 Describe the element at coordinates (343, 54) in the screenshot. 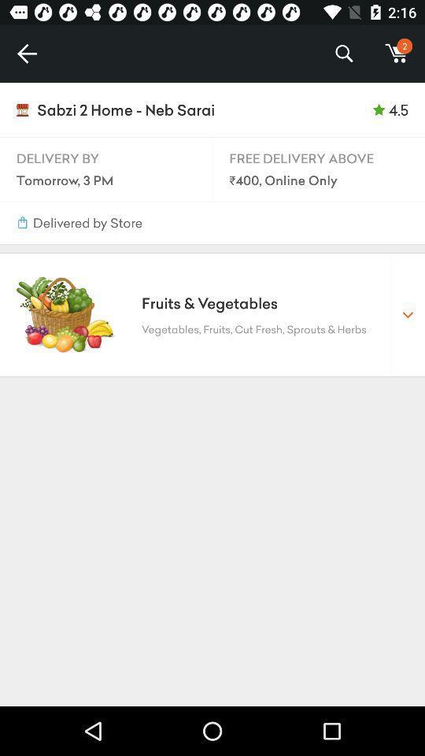

I see `icon to the left of m` at that location.